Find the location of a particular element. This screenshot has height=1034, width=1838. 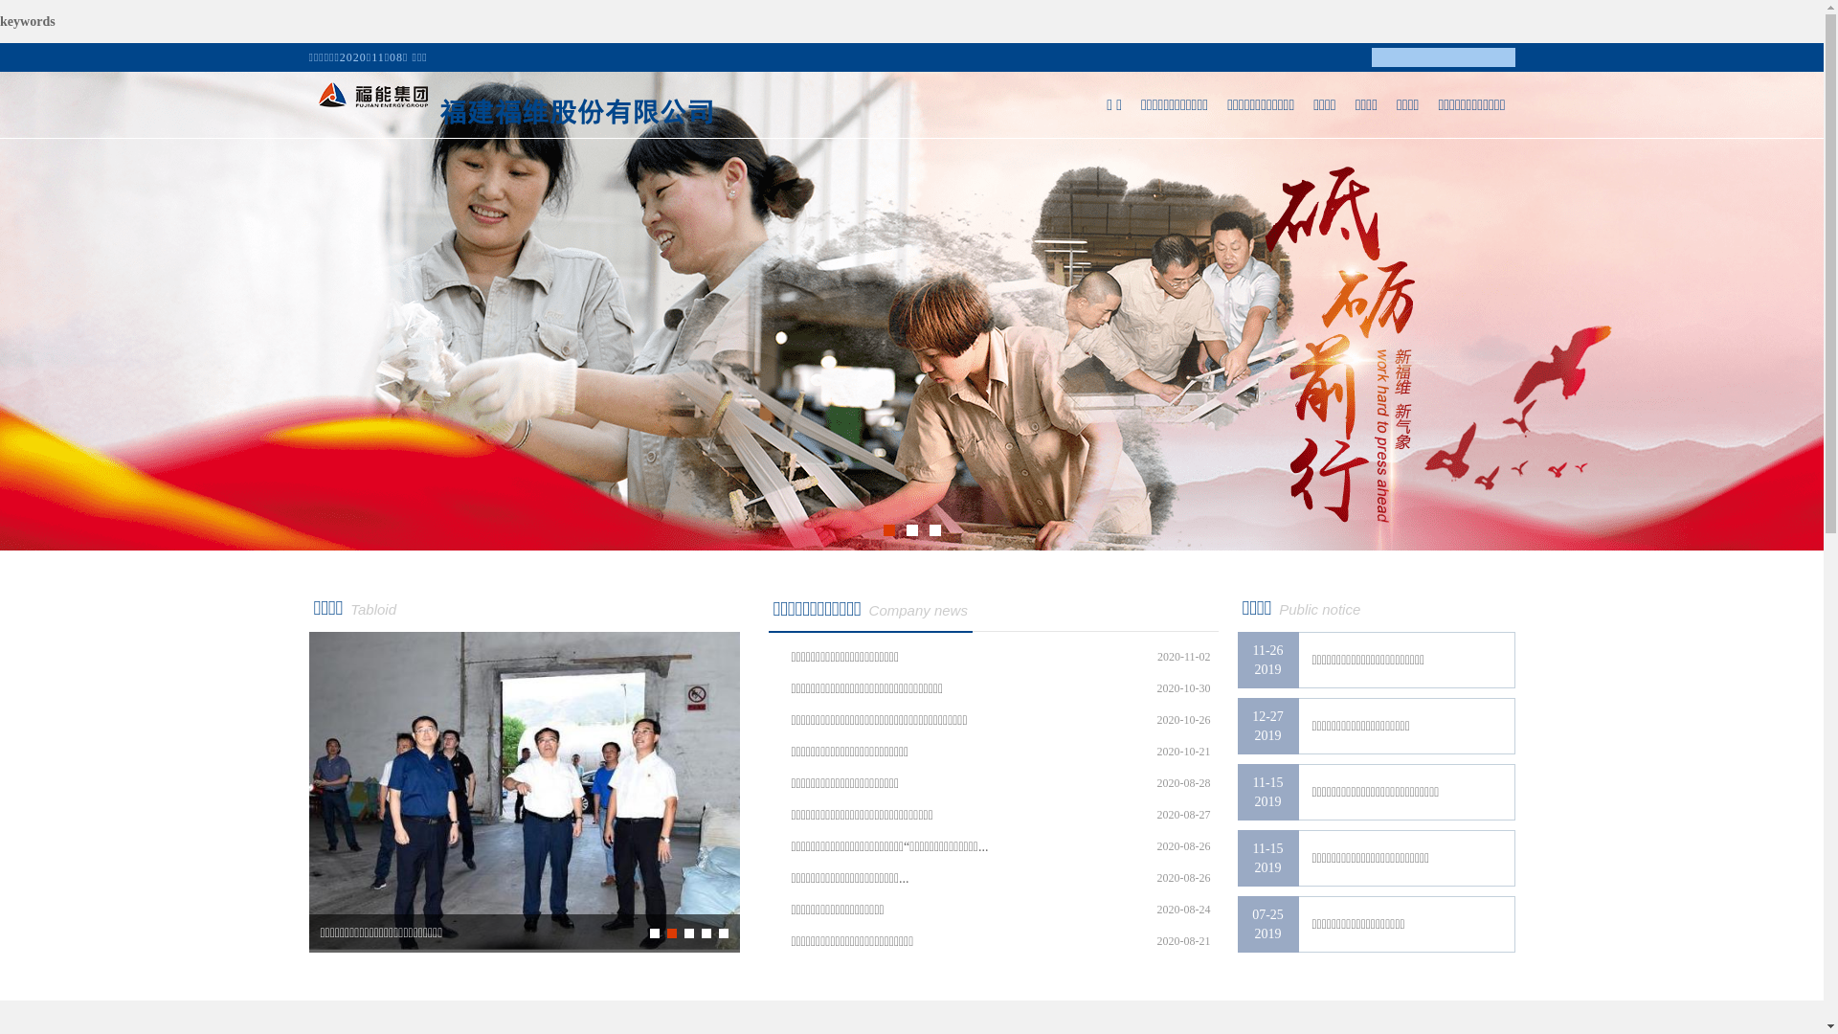

'keywords' is located at coordinates (27, 21).